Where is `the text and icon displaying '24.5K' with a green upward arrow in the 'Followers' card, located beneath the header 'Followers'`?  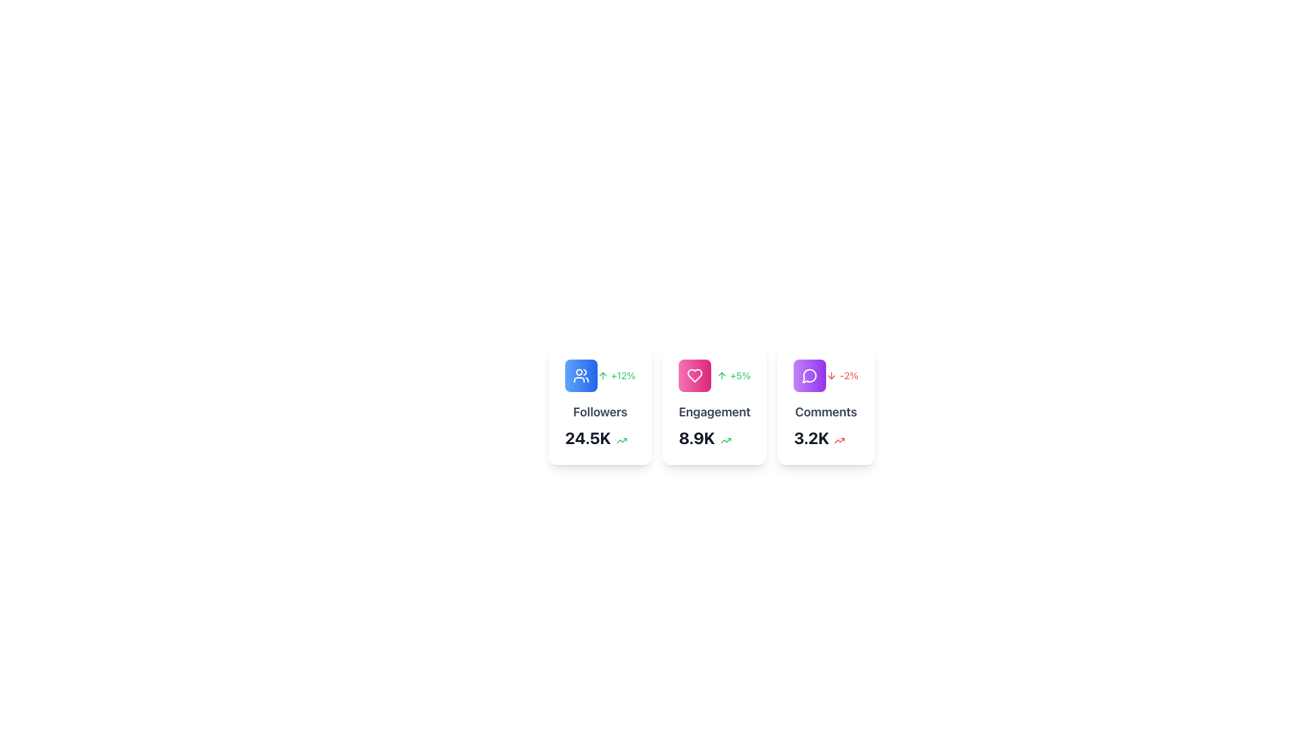
the text and icon displaying '24.5K' with a green upward arrow in the 'Followers' card, located beneath the header 'Followers' is located at coordinates (600, 438).